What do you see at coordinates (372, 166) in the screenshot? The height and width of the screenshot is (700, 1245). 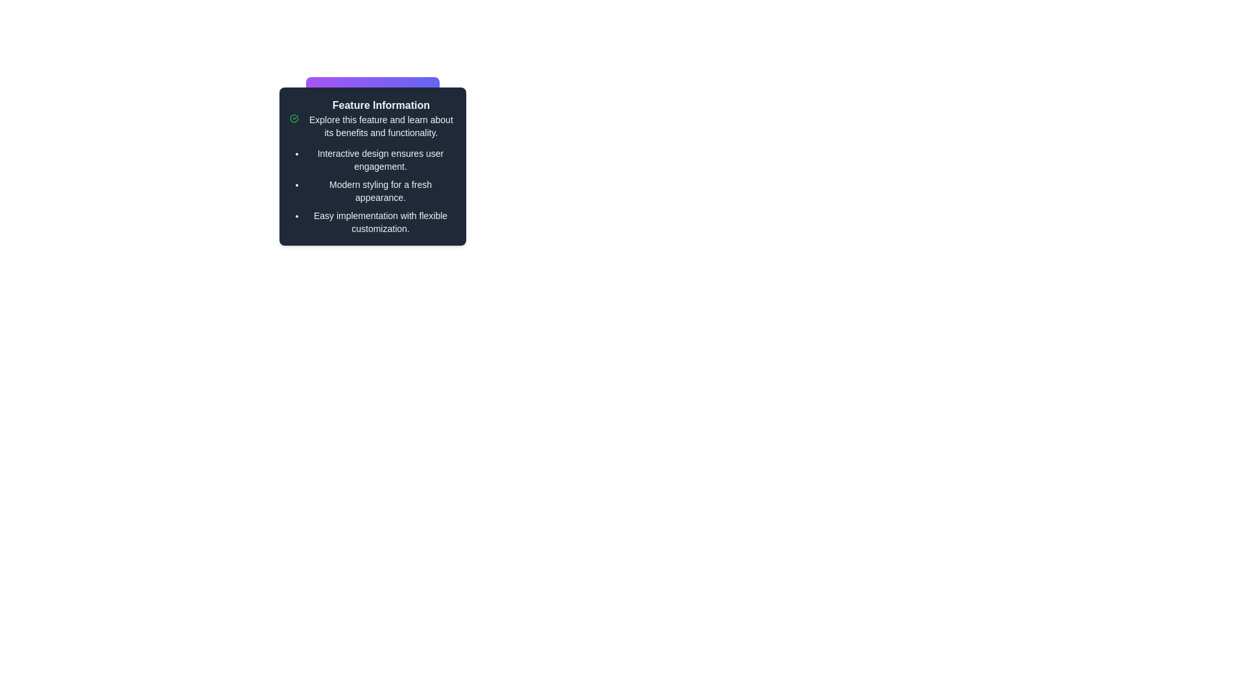 I see `content within the Informational panel, which has a dark gray background, rounded corners, and contains the title 'Feature Information' and descriptive text` at bounding box center [372, 166].